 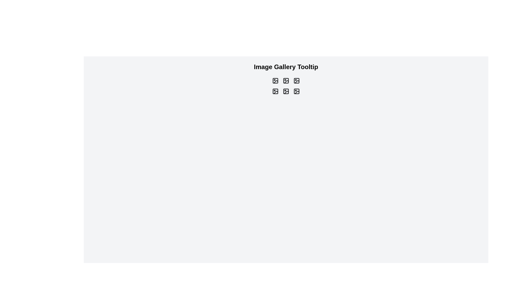 I want to click on the Icon button which resembles a framed image with a circular magnifying glass overlay, located at the bottom-right of the grid layout, so click(x=296, y=91).